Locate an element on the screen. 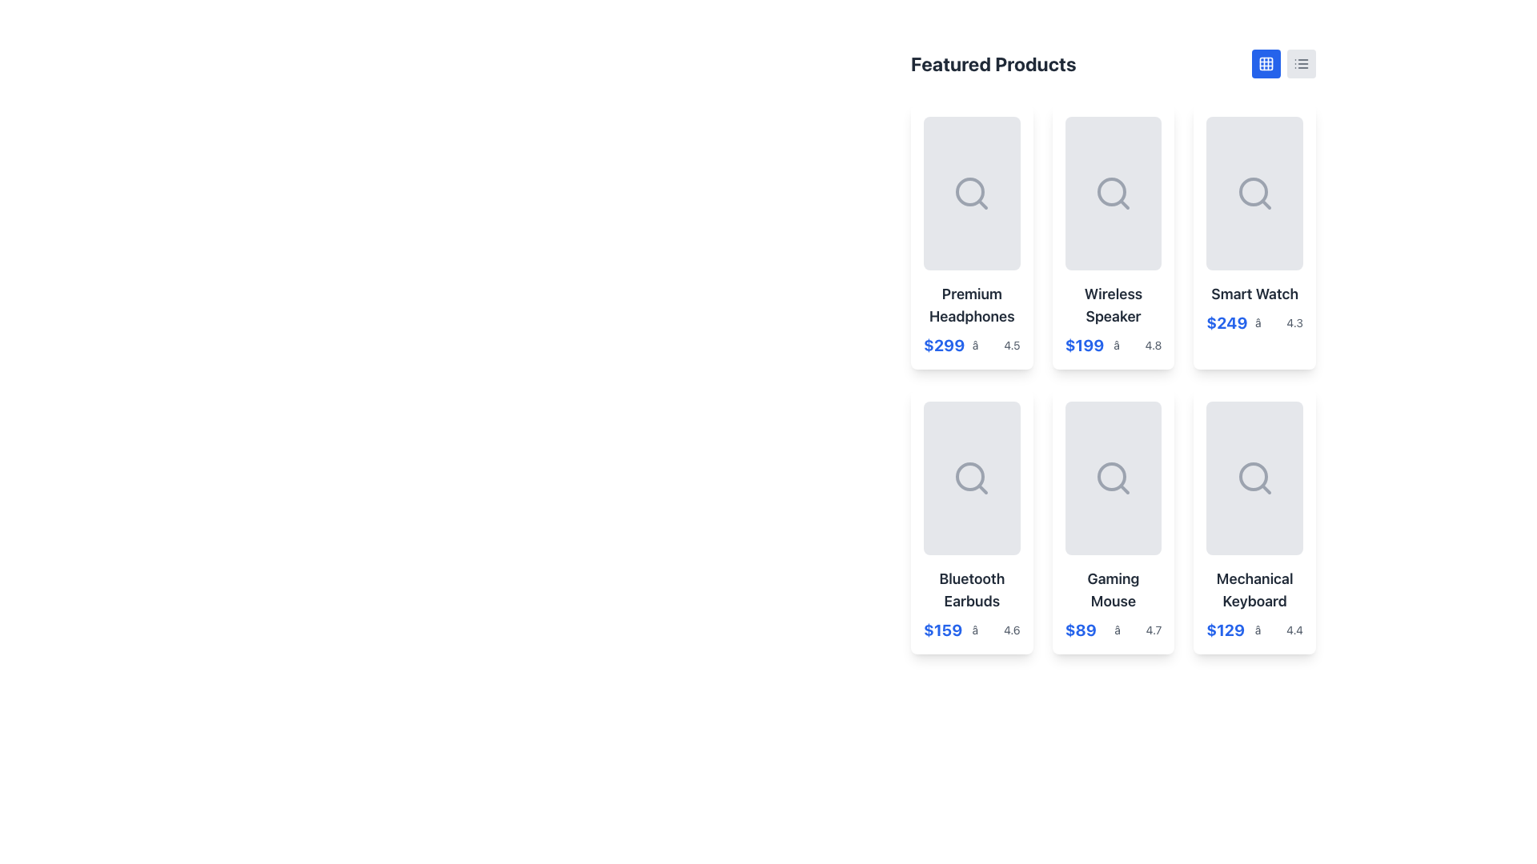 The image size is (1537, 864). the area near the price ('$159') or rating ('4.6') of the Complex label in the 'Bluetooth Earbuds' product card is located at coordinates (971, 629).